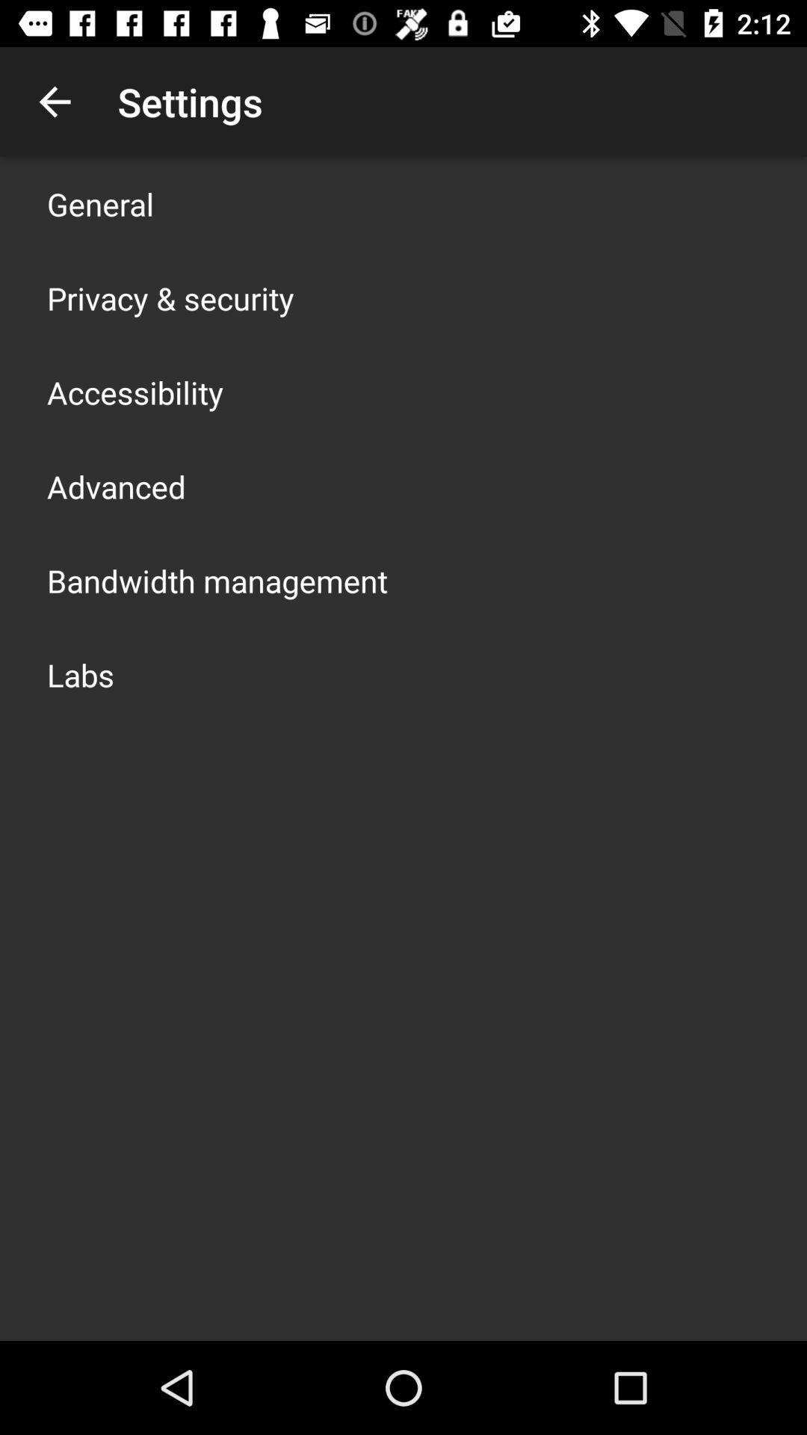 The image size is (807, 1435). I want to click on bandwidth management app, so click(217, 580).